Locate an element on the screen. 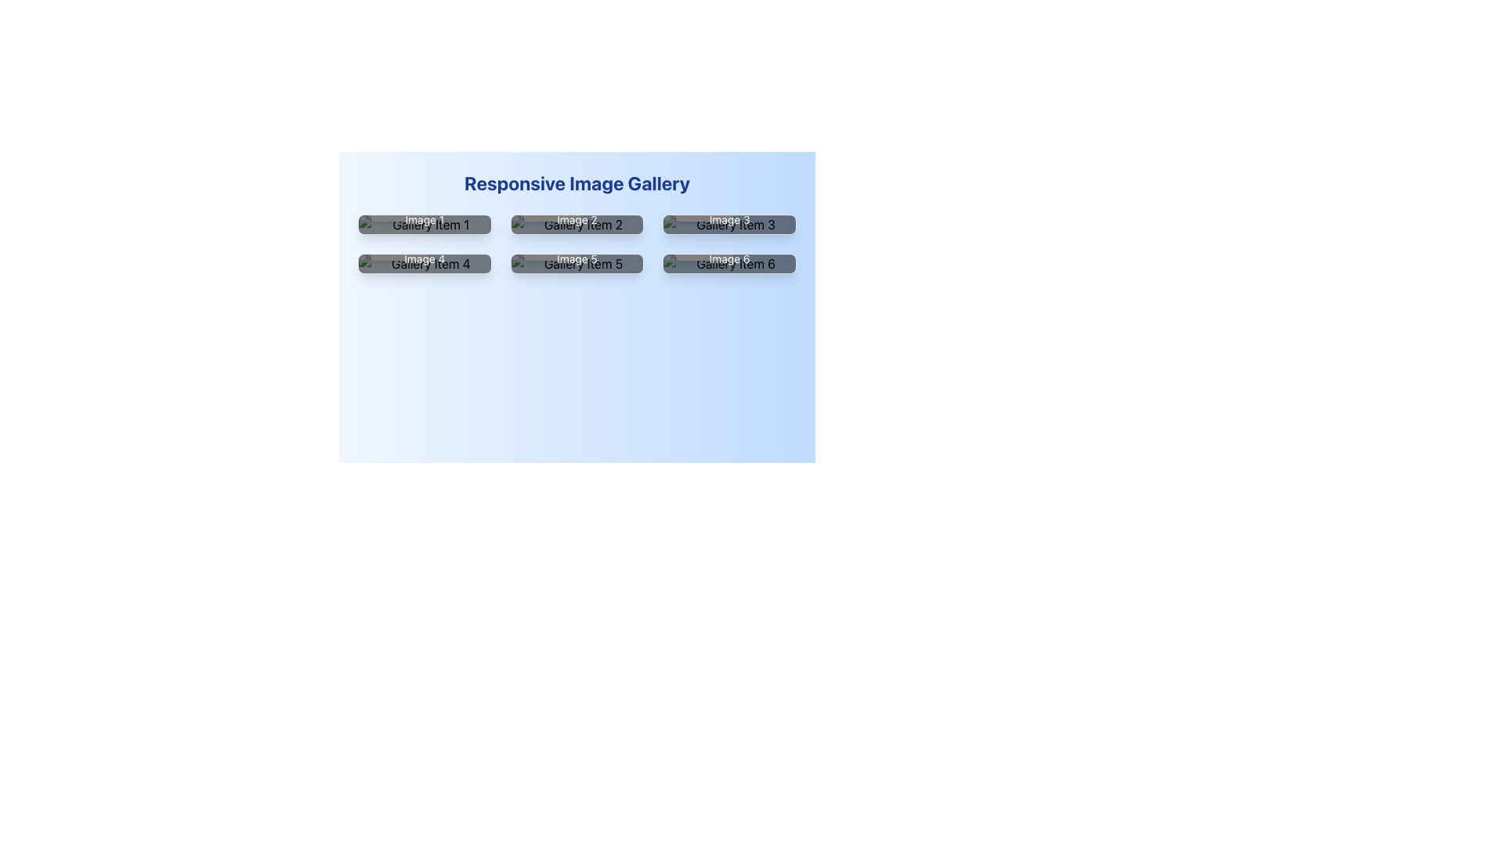  the text label stating 'Description for Image 6' which is styled with a semi-transparent black background and white text, positioned at the bottom of the 'Image 6' gallery card is located at coordinates (728, 250).